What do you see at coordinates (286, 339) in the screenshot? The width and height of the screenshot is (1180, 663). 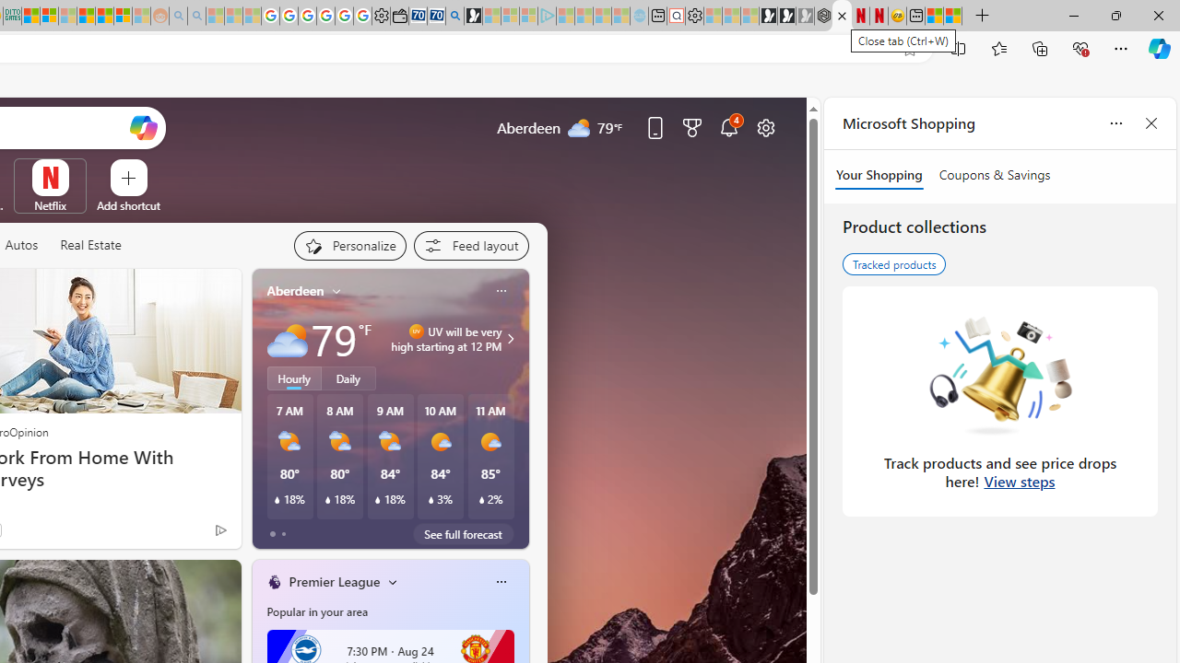 I see `'Mostly cloudy'` at bounding box center [286, 339].